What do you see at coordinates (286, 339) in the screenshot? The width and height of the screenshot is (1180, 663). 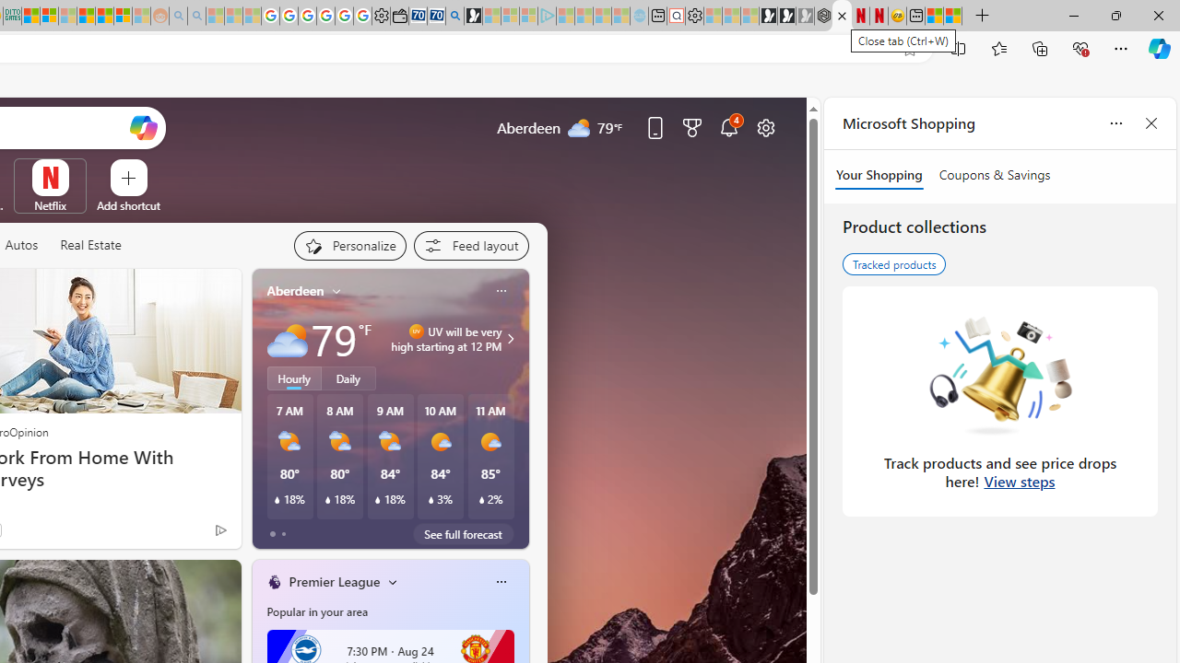 I see `'Mostly cloudy'` at bounding box center [286, 339].